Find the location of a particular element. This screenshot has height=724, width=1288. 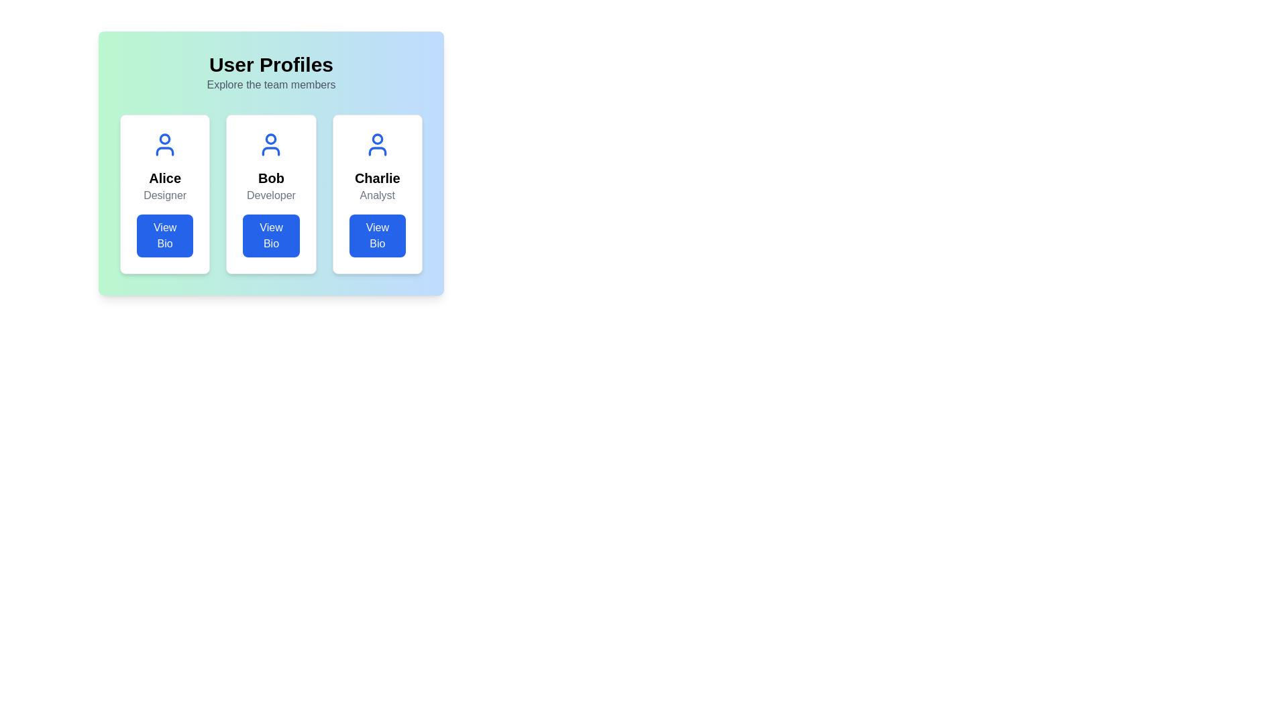

the bottom part of the user profile icon representing 'Bob', which is located in the central card of the layout is located at coordinates (270, 151).